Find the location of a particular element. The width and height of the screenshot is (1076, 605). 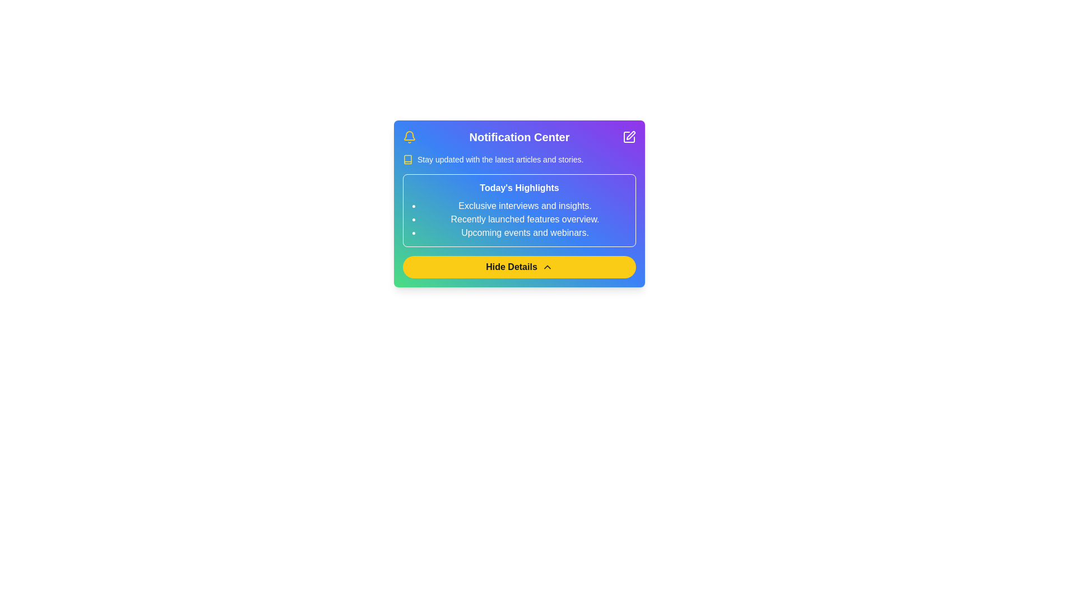

the notification icon located in the top-left corner of the 'Notification Center' card is located at coordinates (409, 137).